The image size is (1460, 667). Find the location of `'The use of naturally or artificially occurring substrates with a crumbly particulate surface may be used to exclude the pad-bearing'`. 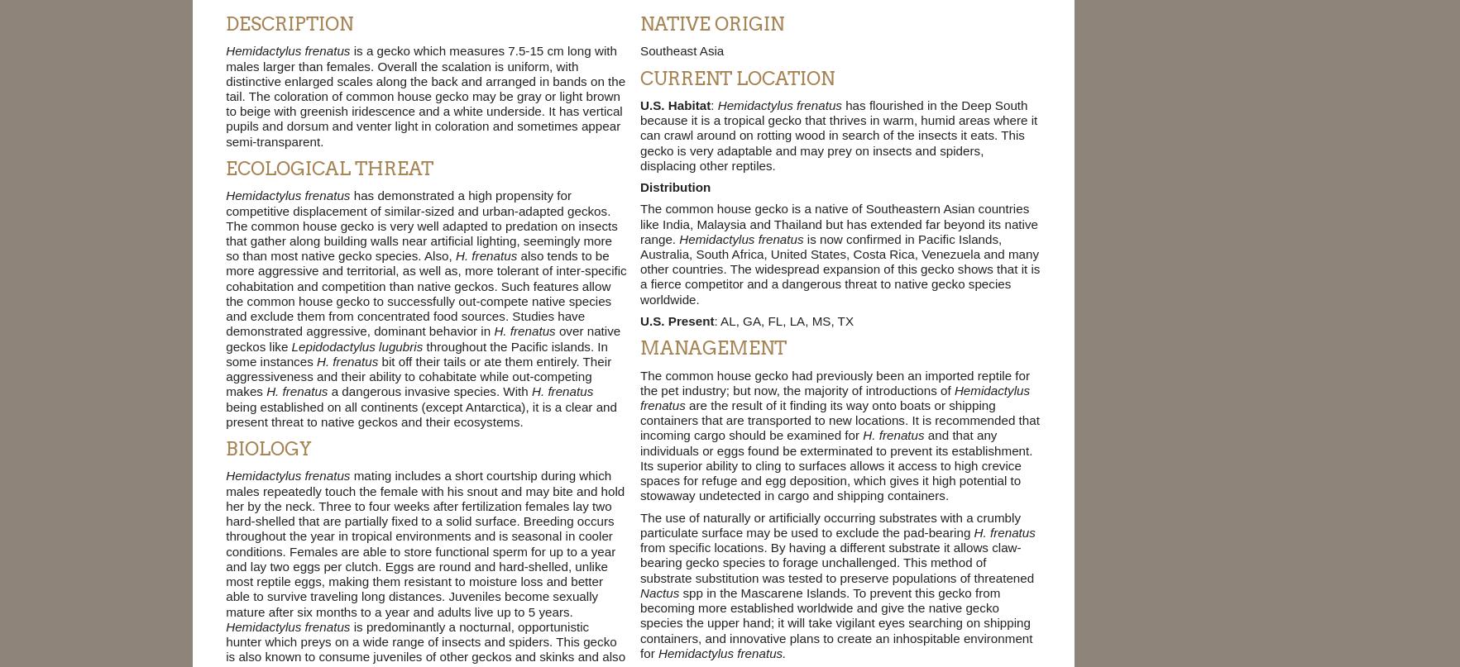

'The use of naturally or artificially occurring substrates with a crumbly particulate surface may be used to exclude the pad-bearing' is located at coordinates (639, 523).